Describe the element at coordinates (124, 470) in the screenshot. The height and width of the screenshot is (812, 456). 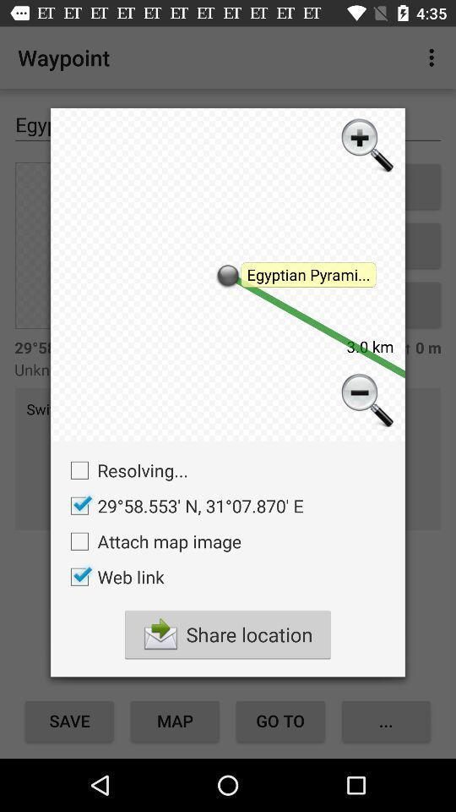
I see `the icon on the left` at that location.